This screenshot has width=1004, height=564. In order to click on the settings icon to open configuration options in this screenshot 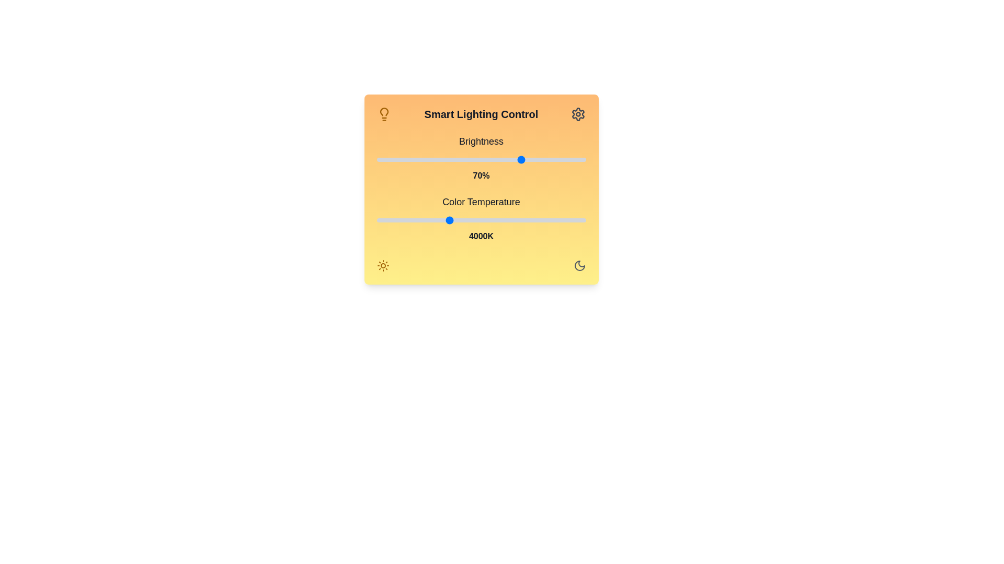, I will do `click(578, 114)`.